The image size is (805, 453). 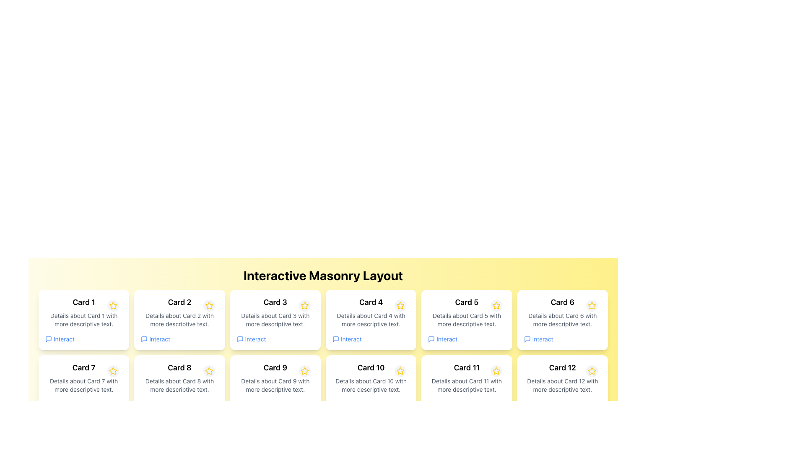 What do you see at coordinates (275, 367) in the screenshot?
I see `the text label serving as the title for 'Card 9', located in the center header of the card in the second row, first column of the masonry layout` at bounding box center [275, 367].